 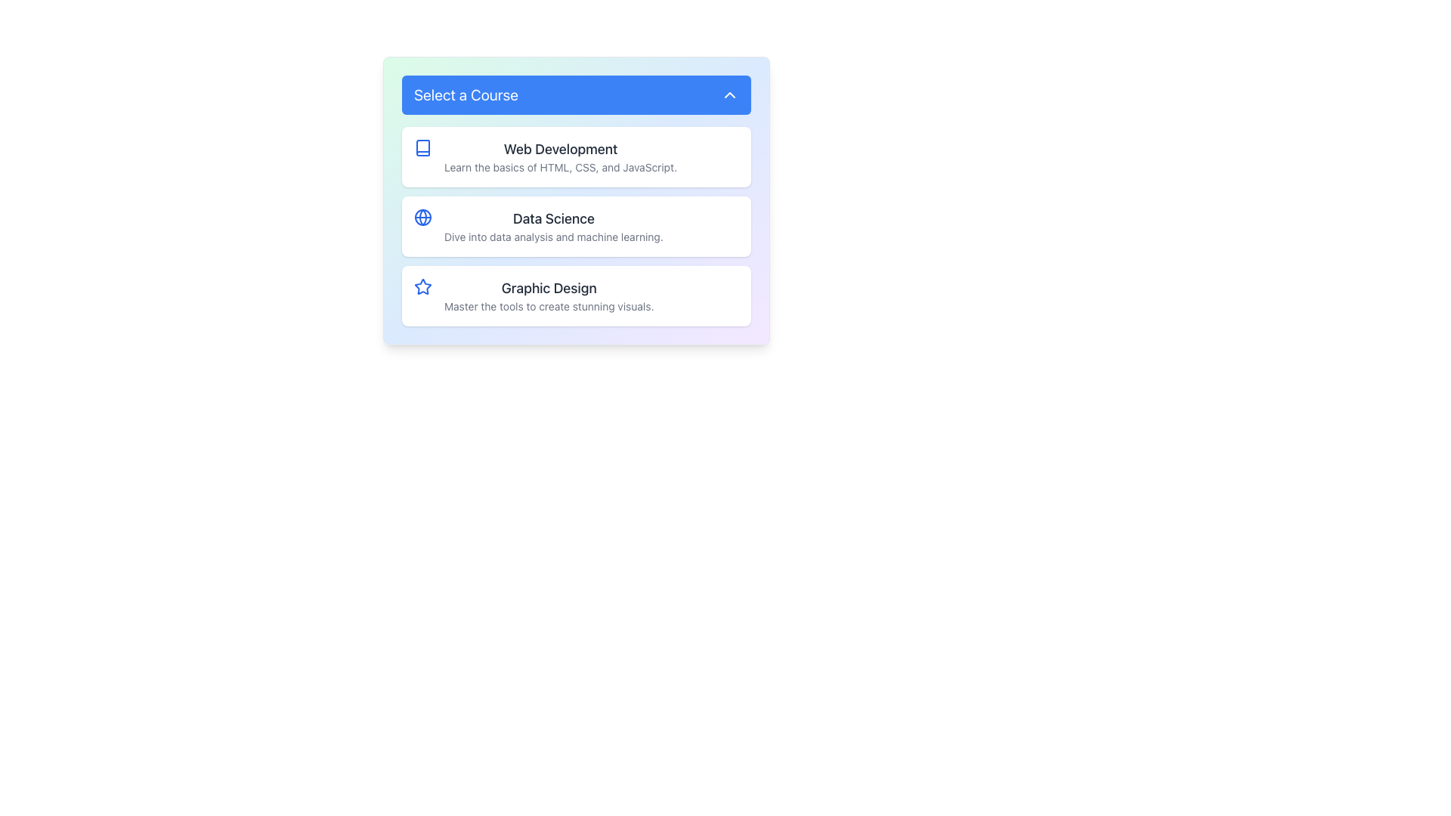 What do you see at coordinates (548, 306) in the screenshot?
I see `supporting text label under the title 'Graphic Design', which provides context about the section's content` at bounding box center [548, 306].